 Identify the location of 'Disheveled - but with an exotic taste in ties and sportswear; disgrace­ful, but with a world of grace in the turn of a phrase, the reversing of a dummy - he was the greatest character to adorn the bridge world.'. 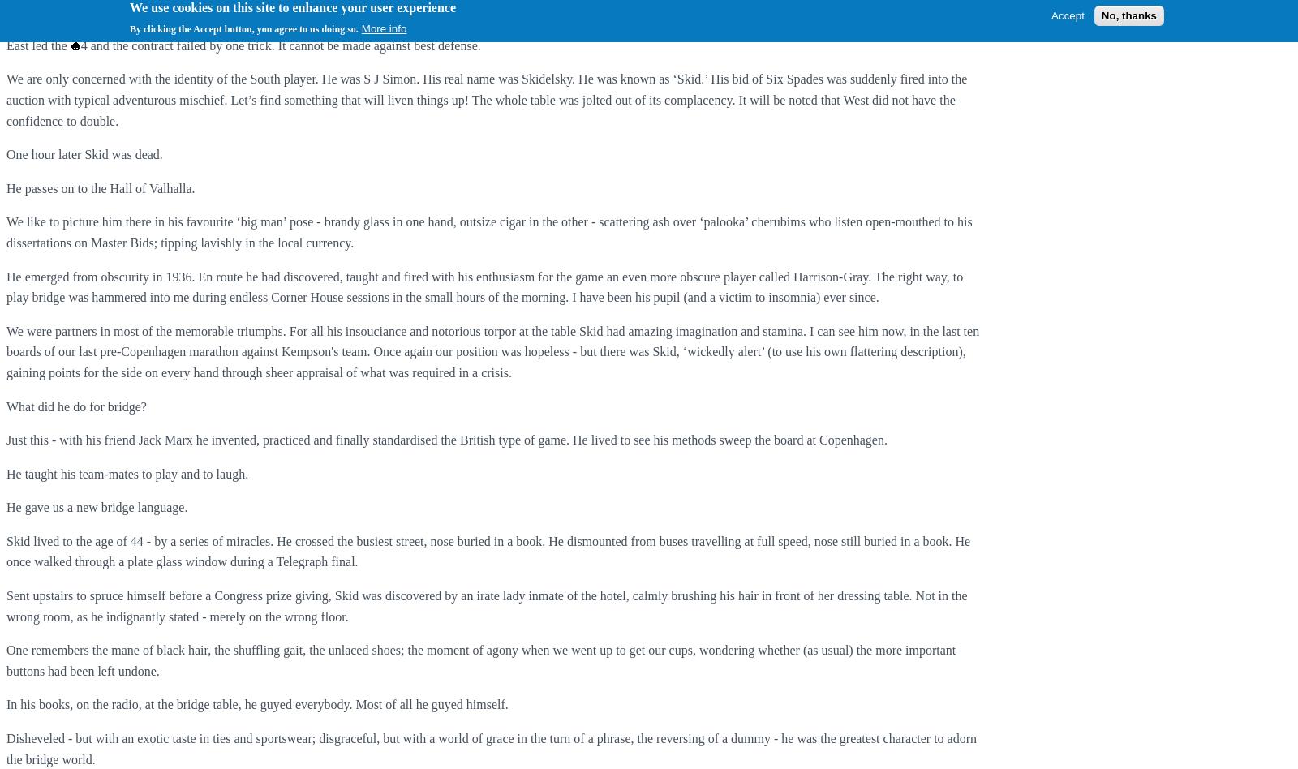
(6, 747).